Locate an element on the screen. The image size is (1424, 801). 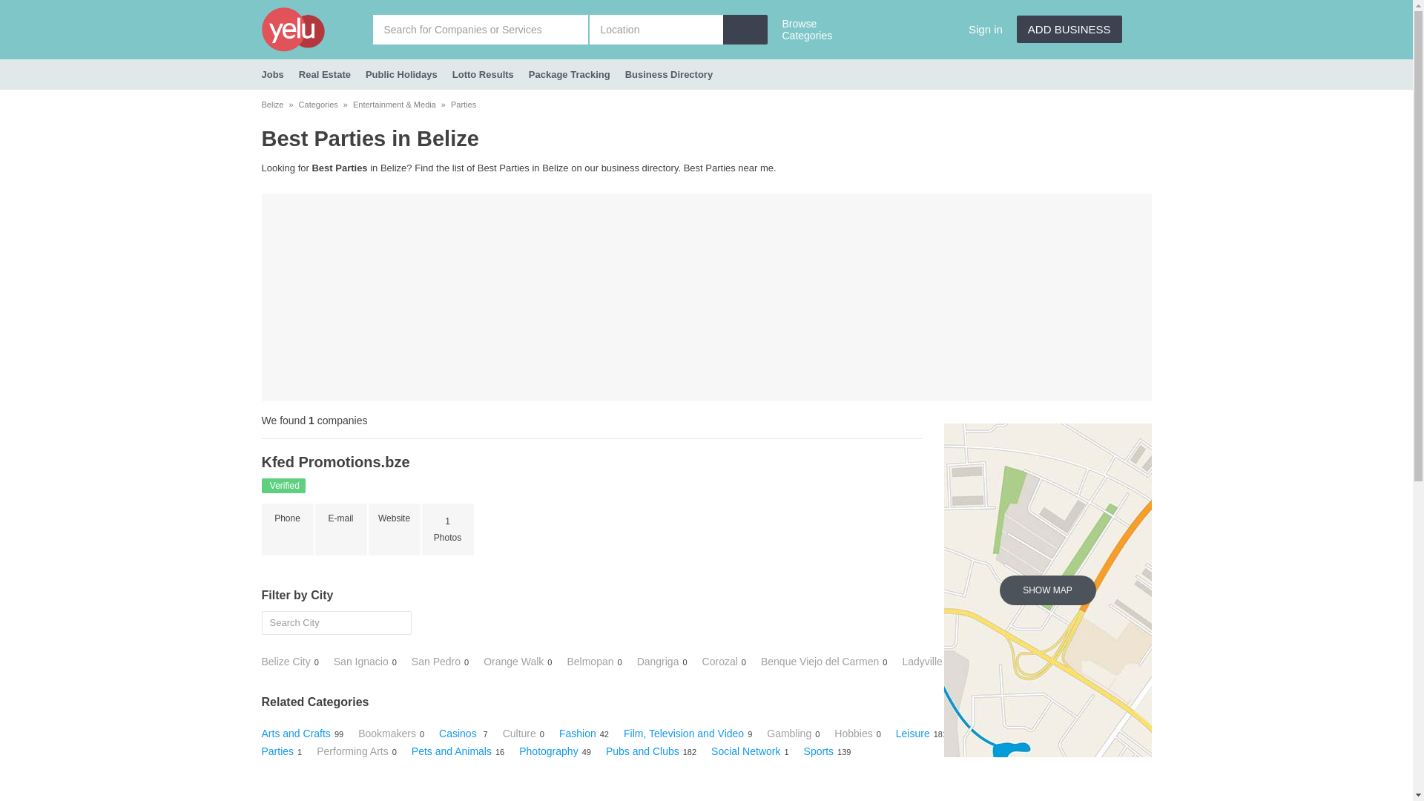
'Entertainment & Media' is located at coordinates (395, 104).